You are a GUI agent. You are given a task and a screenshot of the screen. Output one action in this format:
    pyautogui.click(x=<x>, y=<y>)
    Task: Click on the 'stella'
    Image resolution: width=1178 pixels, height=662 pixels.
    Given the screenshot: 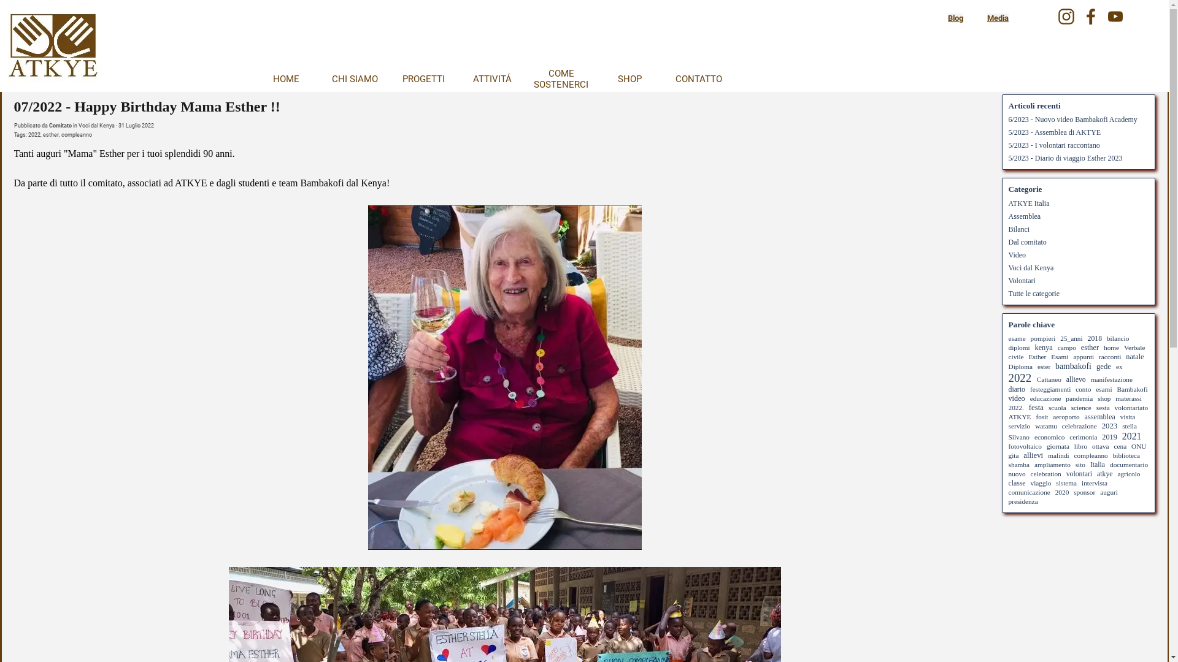 What is the action you would take?
    pyautogui.click(x=1129, y=425)
    